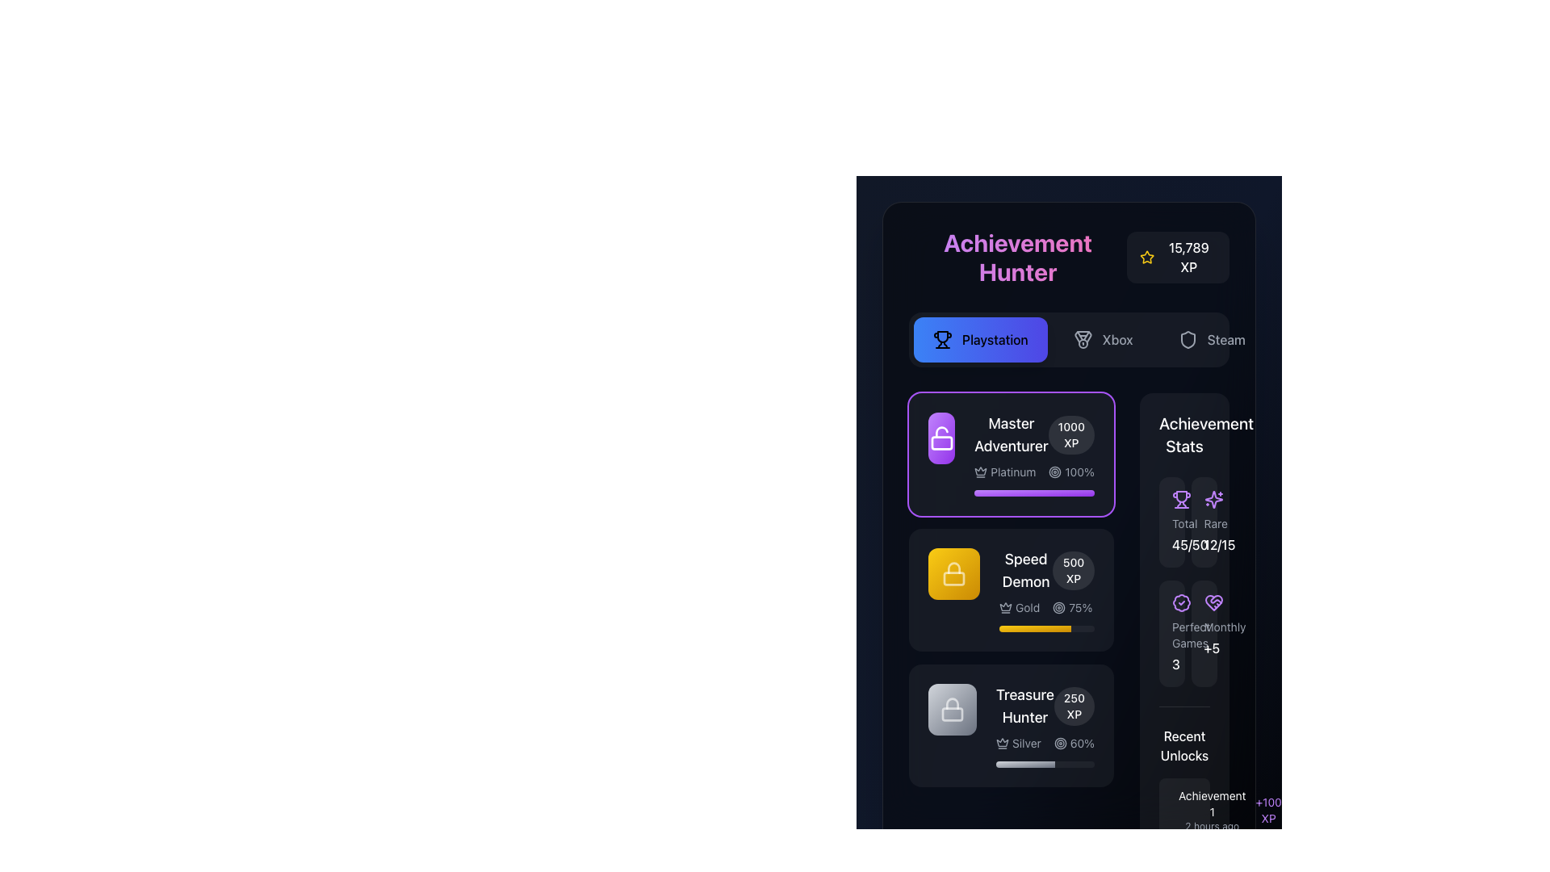 The height and width of the screenshot is (872, 1550). Describe the element at coordinates (1213, 603) in the screenshot. I see `the purple heart icon with a handshake inside it, located in the 'Monthly +5' section on the right panel of the interface` at that location.